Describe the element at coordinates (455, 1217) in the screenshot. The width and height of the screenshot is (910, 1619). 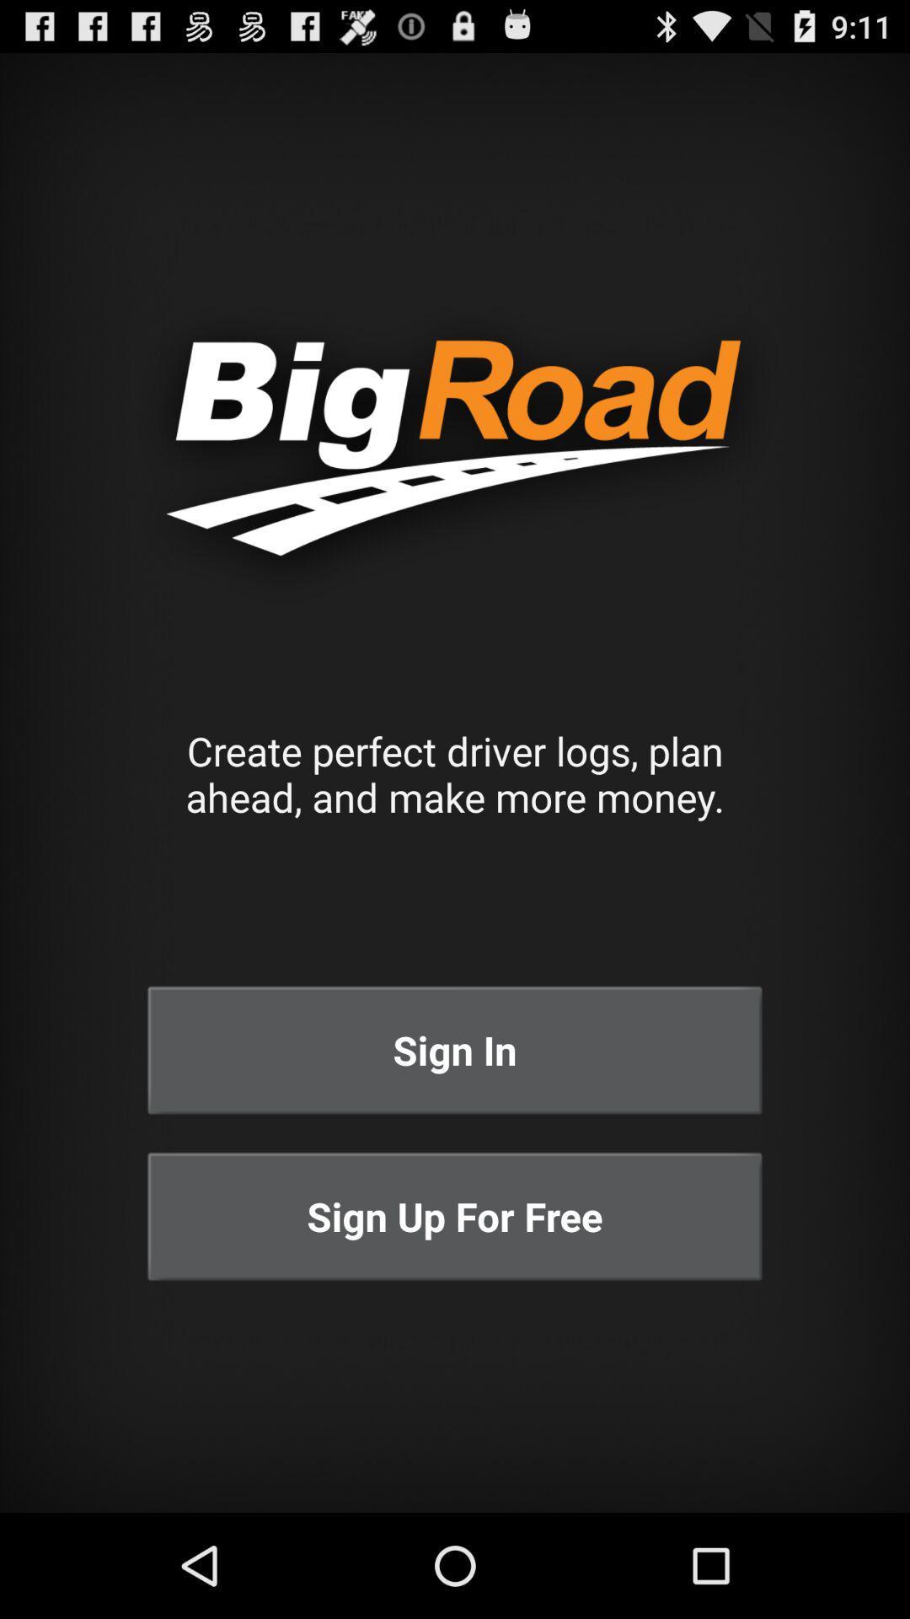
I see `sign up for icon` at that location.